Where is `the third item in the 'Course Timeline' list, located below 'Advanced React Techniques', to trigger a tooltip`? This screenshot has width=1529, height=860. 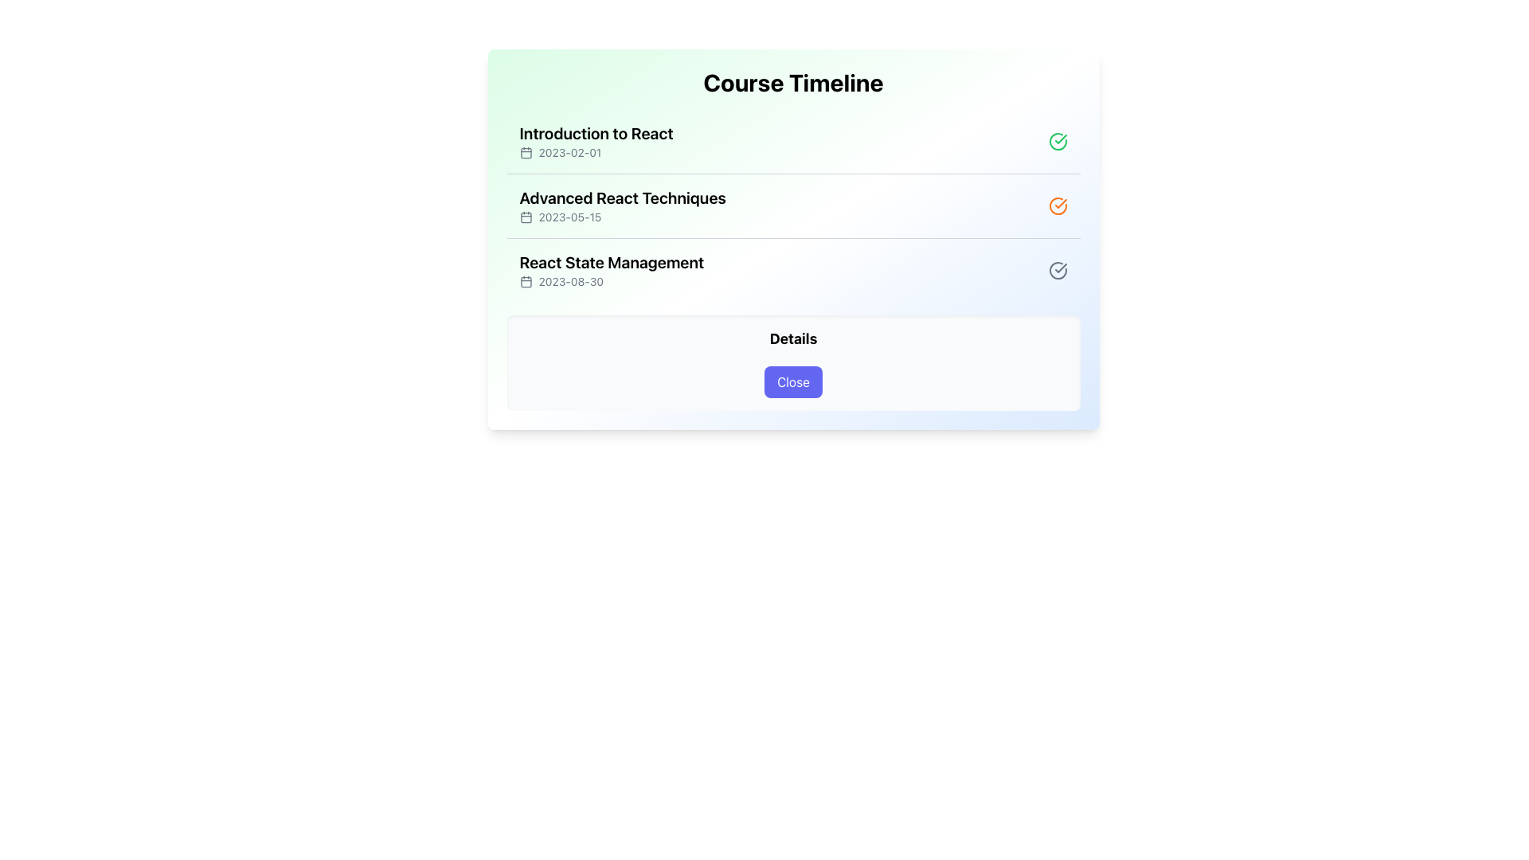
the third item in the 'Course Timeline' list, located below 'Advanced React Techniques', to trigger a tooltip is located at coordinates (793, 269).